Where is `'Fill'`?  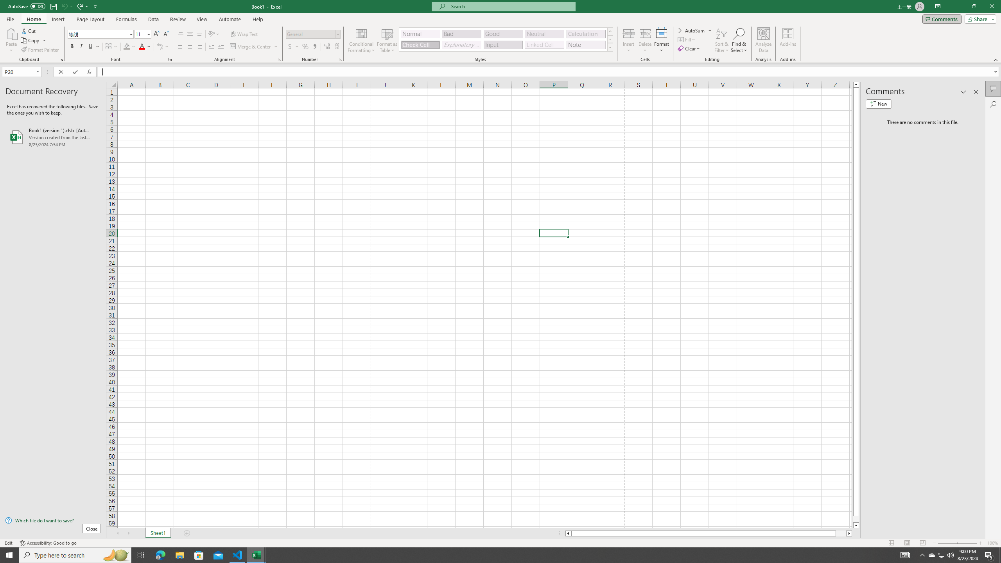 'Fill' is located at coordinates (687, 39).